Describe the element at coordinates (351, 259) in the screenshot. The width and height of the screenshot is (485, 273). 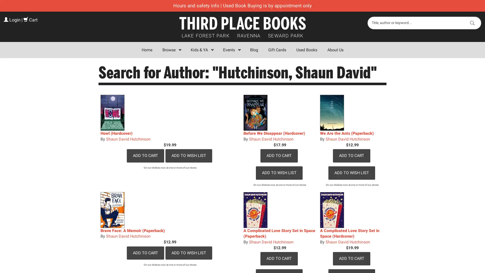
I see `Add to Cart` at that location.